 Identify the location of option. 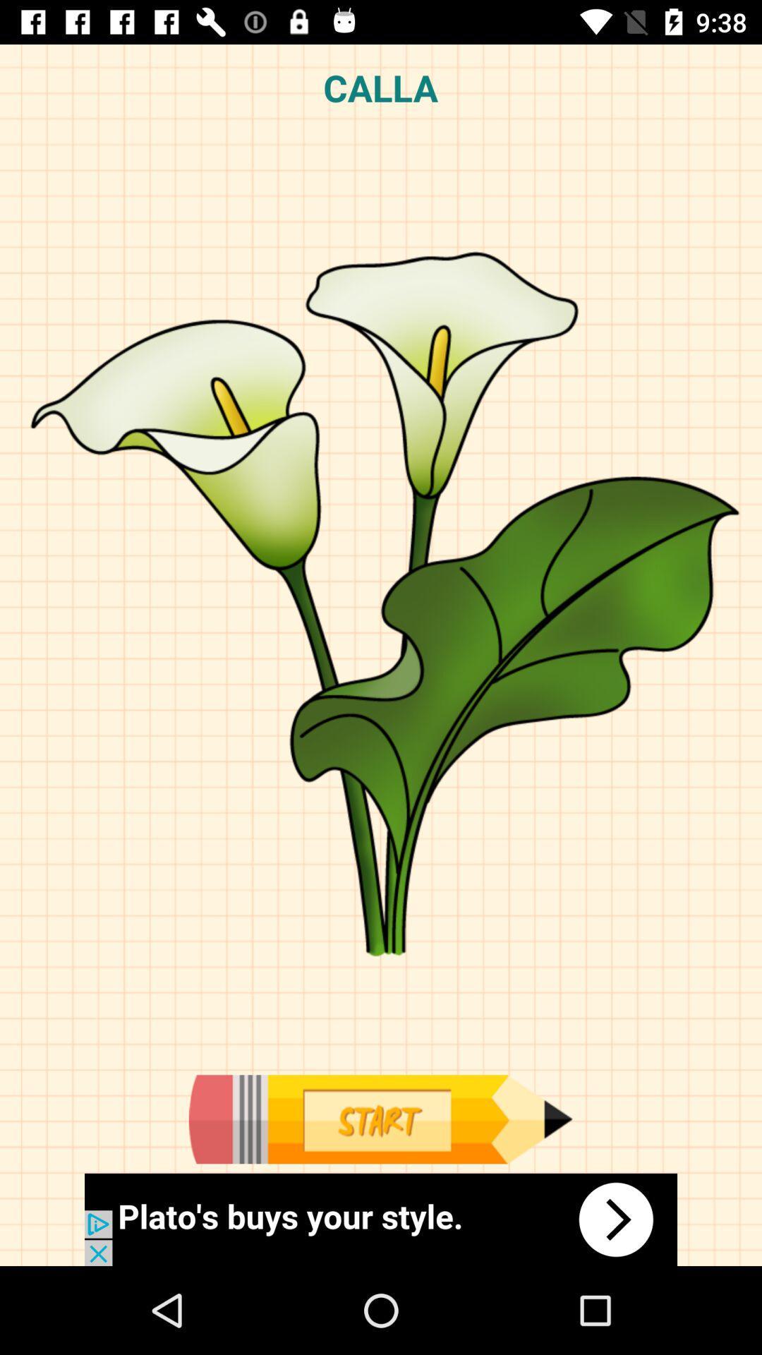
(380, 1119).